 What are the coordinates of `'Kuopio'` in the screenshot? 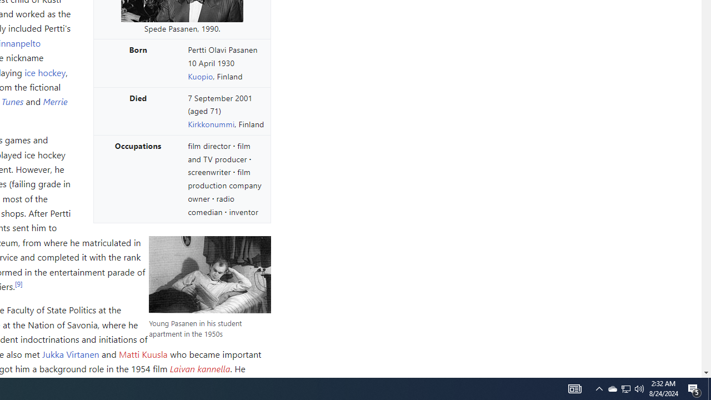 It's located at (200, 75).